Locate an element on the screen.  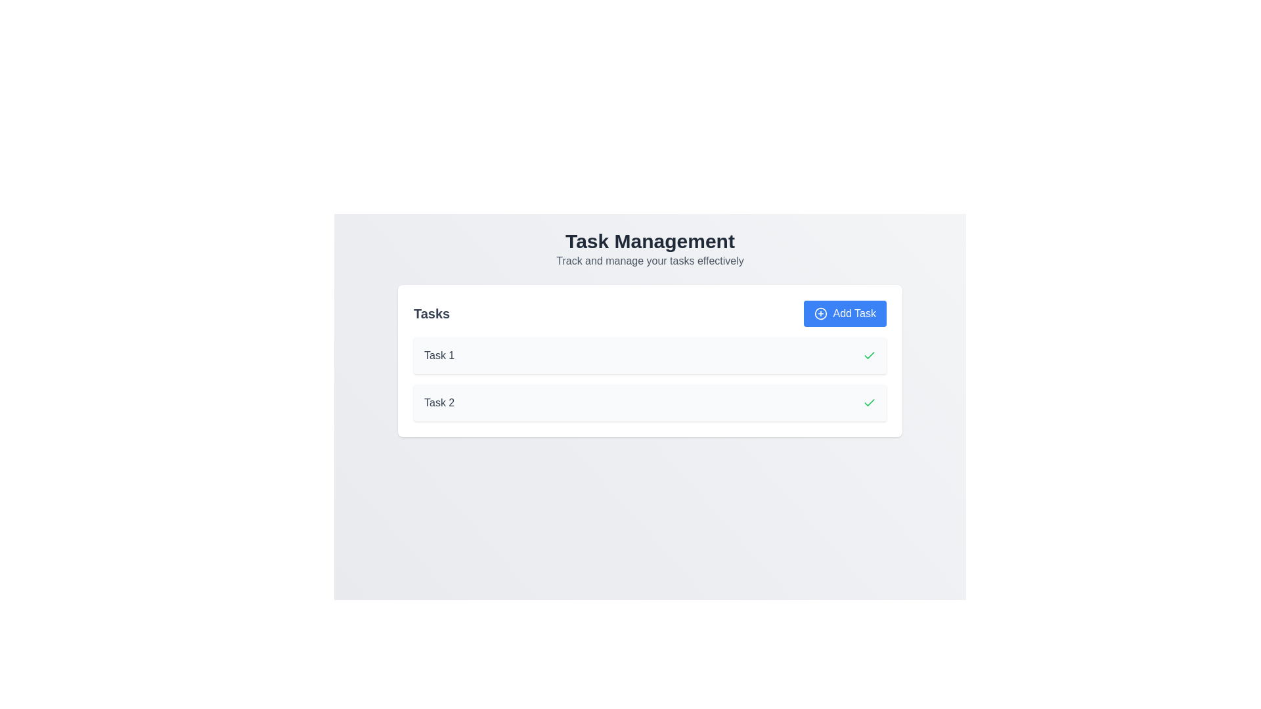
the blue 'Add Task' button with white text and a plus icon to initiate the task-adding process is located at coordinates (845, 314).